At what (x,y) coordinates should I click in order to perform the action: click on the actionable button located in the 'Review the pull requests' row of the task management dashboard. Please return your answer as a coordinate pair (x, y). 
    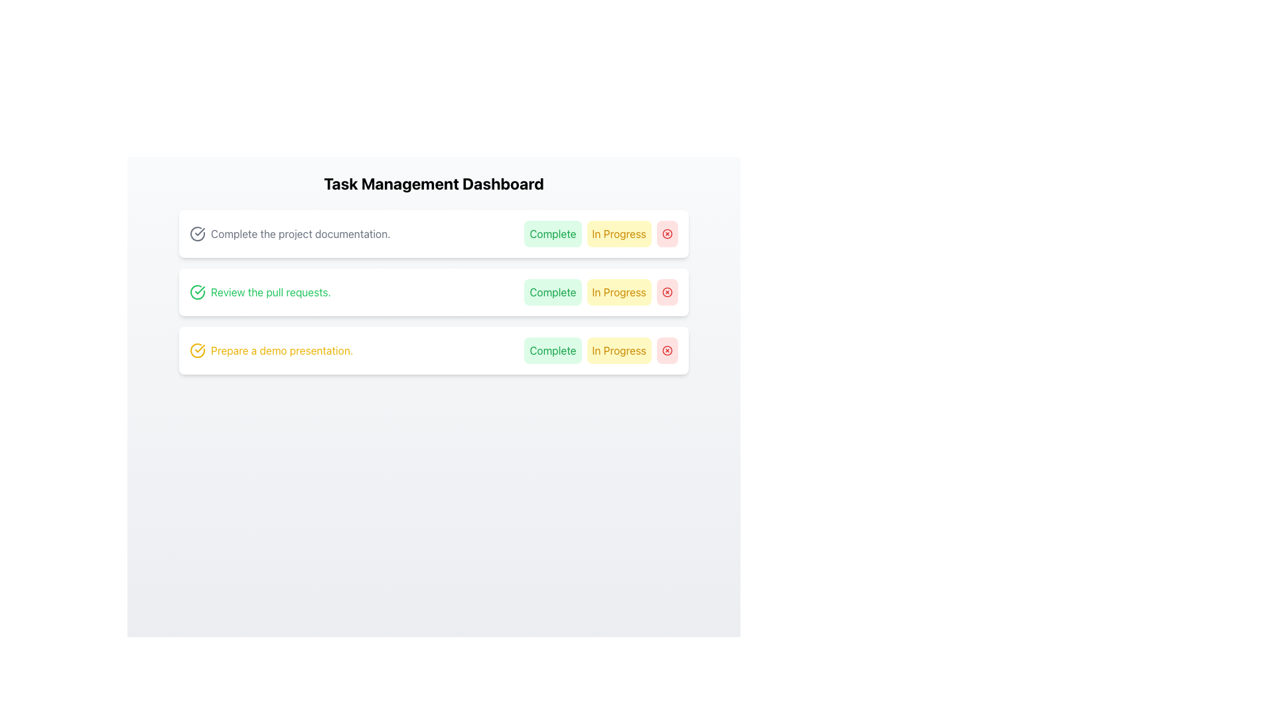
    Looking at the image, I should click on (668, 291).